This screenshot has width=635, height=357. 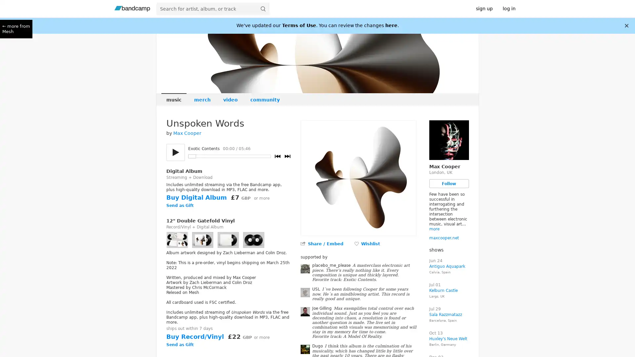 What do you see at coordinates (180, 345) in the screenshot?
I see `Send as Gift` at bounding box center [180, 345].